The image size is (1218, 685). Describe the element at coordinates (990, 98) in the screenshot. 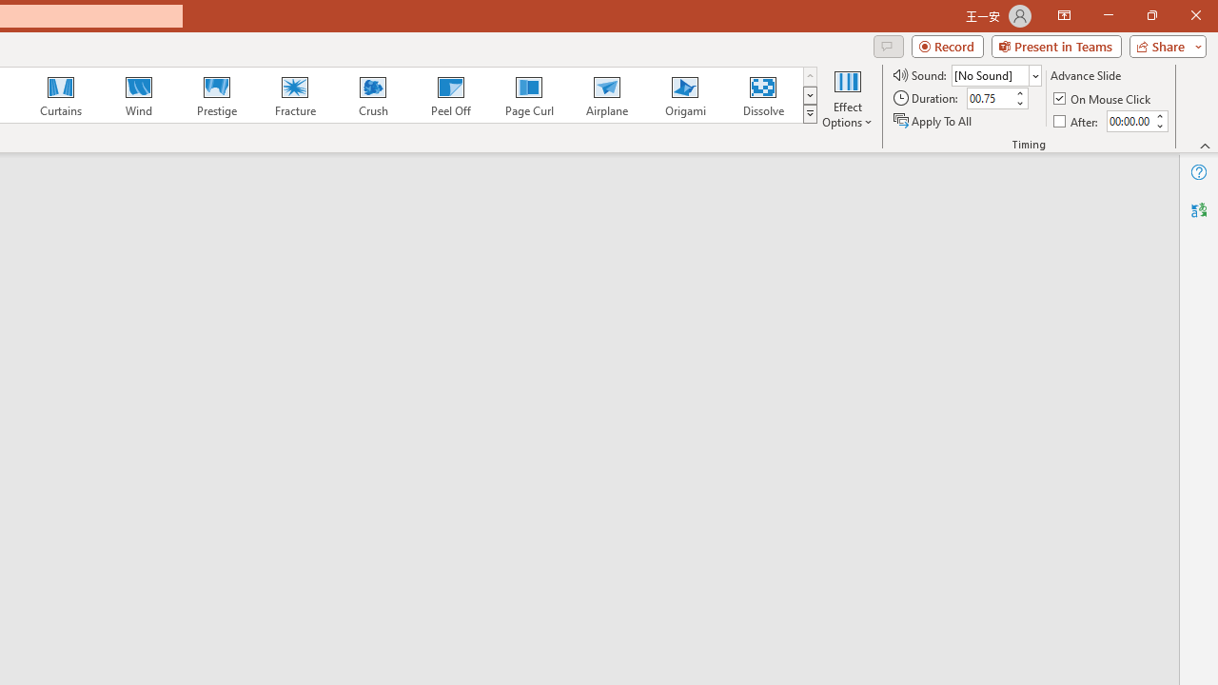

I see `'Duration'` at that location.